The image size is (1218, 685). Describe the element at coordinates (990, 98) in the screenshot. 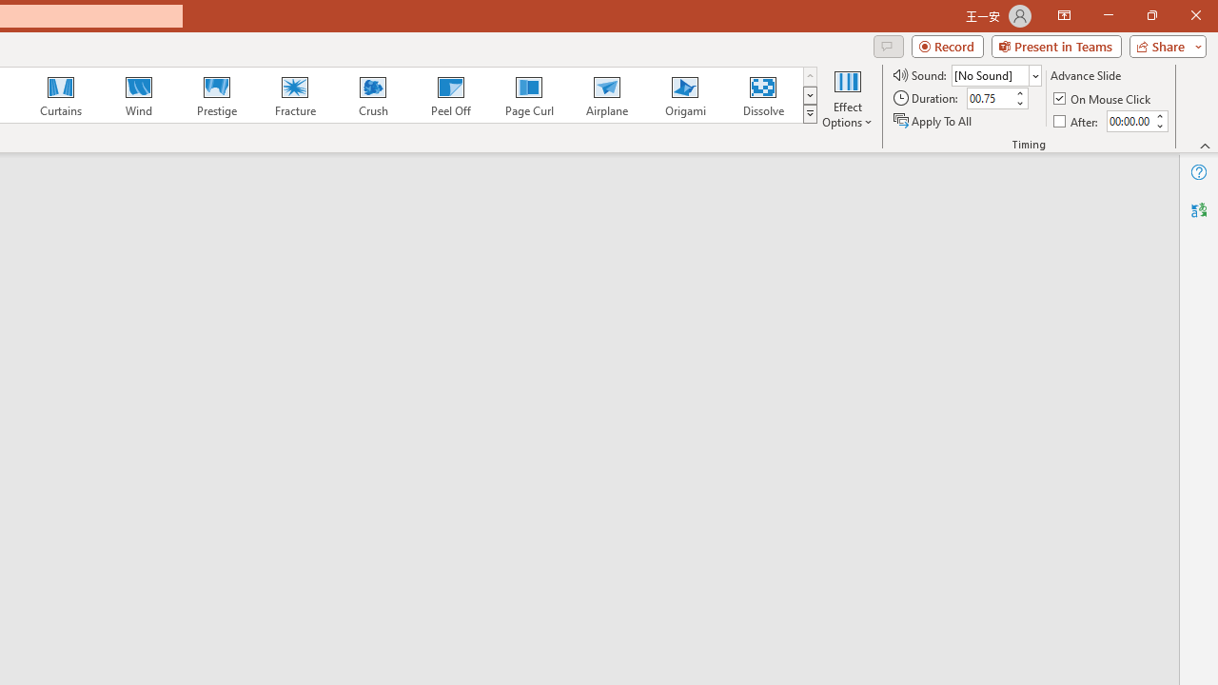

I see `'Duration'` at that location.